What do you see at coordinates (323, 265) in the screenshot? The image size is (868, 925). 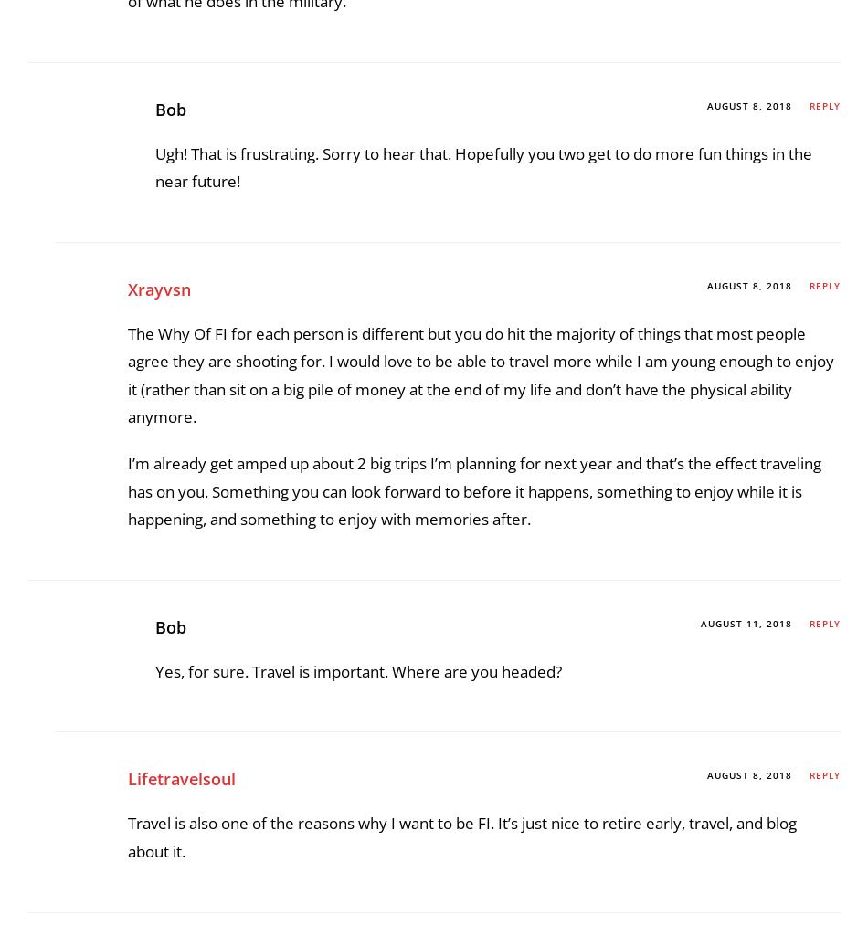 I see `'.'` at bounding box center [323, 265].